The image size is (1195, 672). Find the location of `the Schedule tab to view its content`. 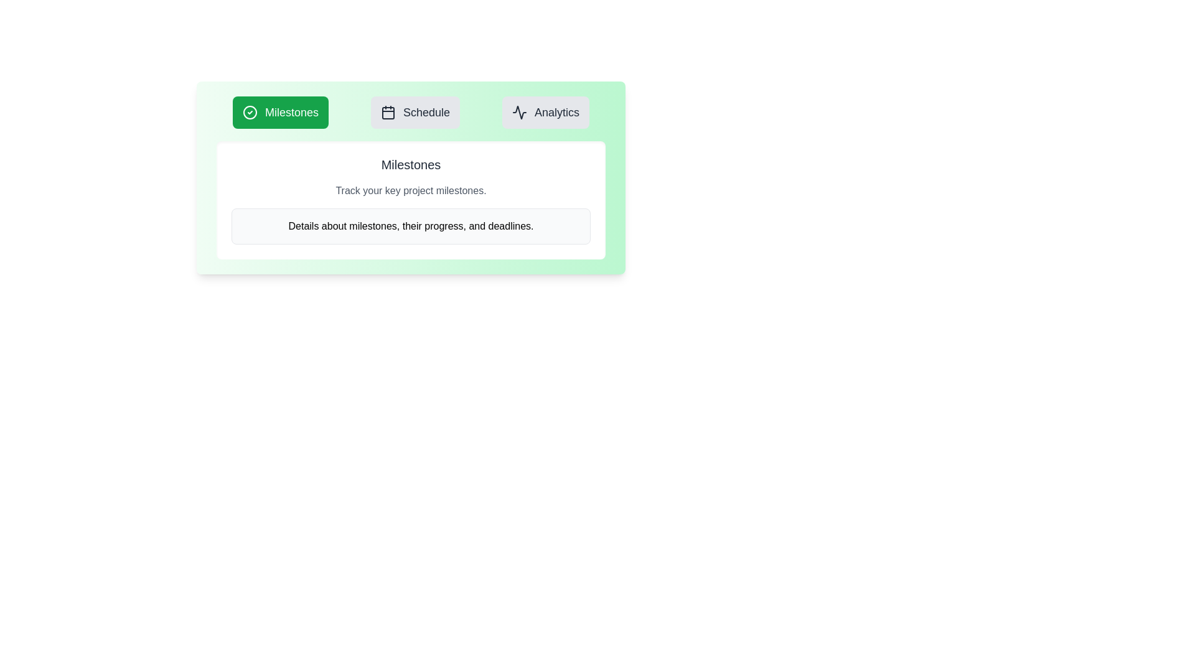

the Schedule tab to view its content is located at coordinates (415, 113).